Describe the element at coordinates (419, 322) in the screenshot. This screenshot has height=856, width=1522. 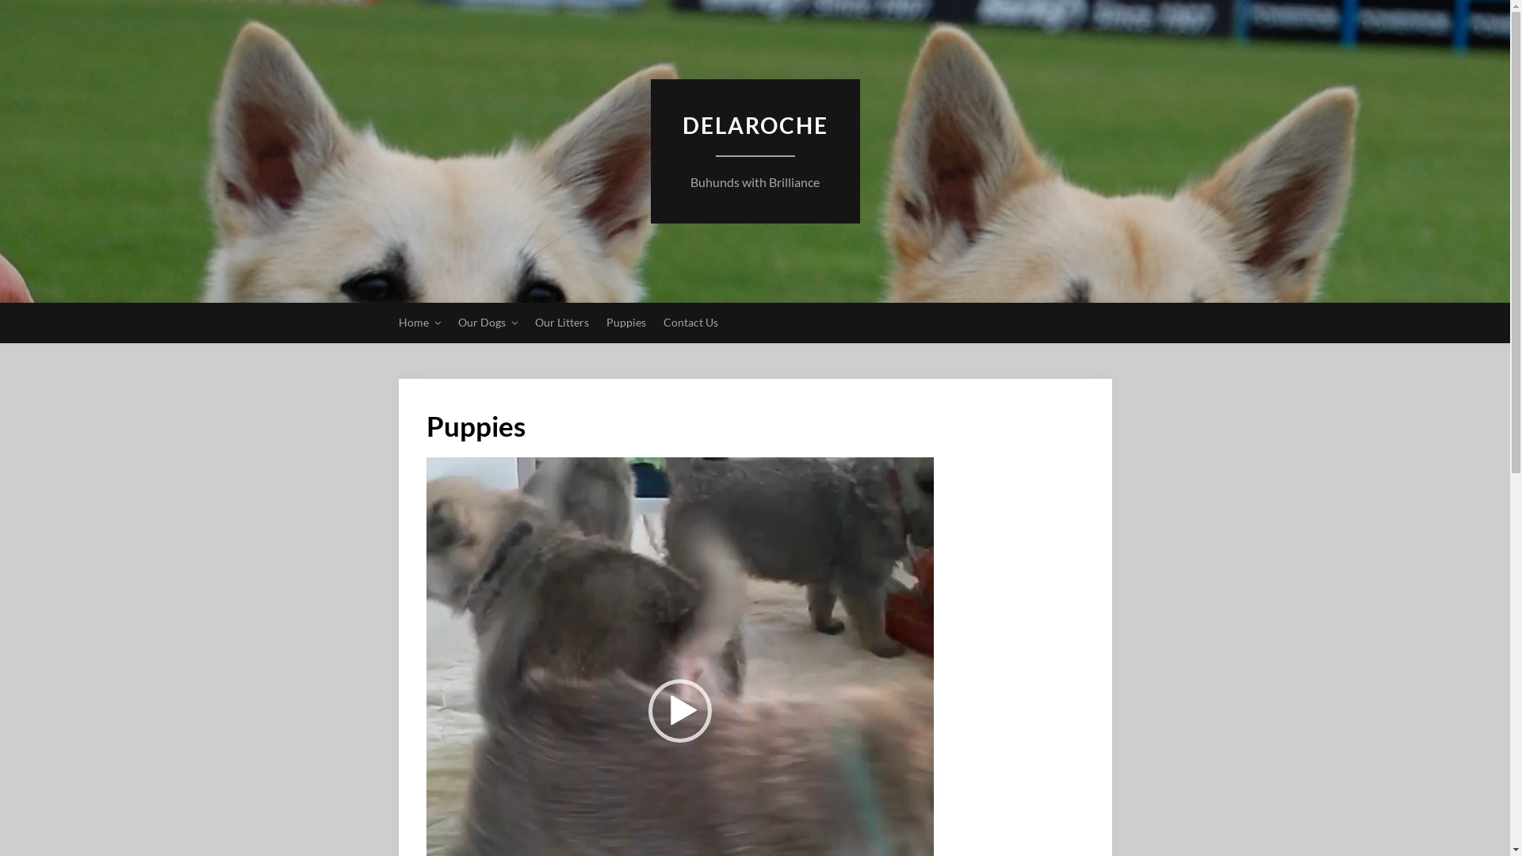
I see `'Home'` at that location.